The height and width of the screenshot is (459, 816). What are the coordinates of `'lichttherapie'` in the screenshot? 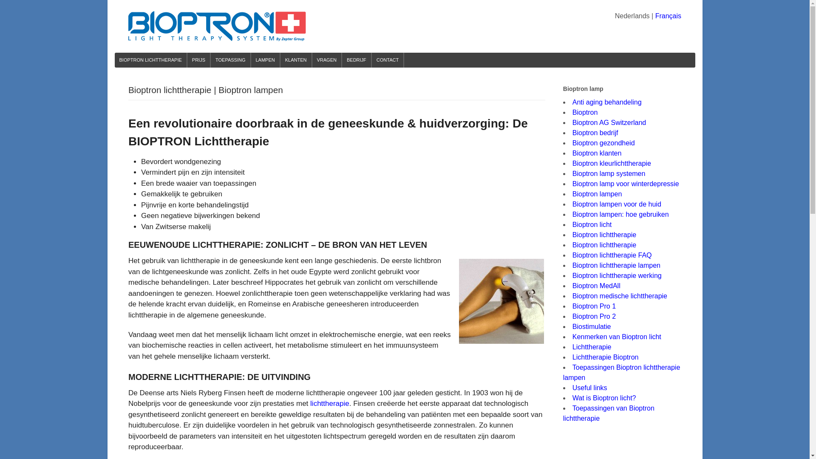 It's located at (329, 403).